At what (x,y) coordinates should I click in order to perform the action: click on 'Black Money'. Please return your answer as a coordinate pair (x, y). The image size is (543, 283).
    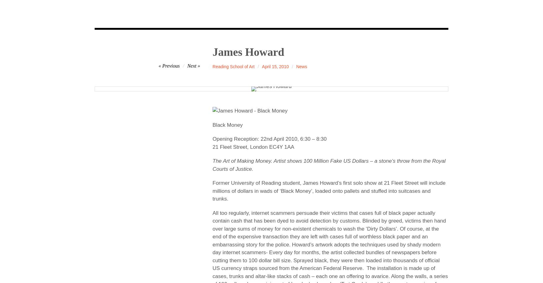
    Looking at the image, I should click on (227, 124).